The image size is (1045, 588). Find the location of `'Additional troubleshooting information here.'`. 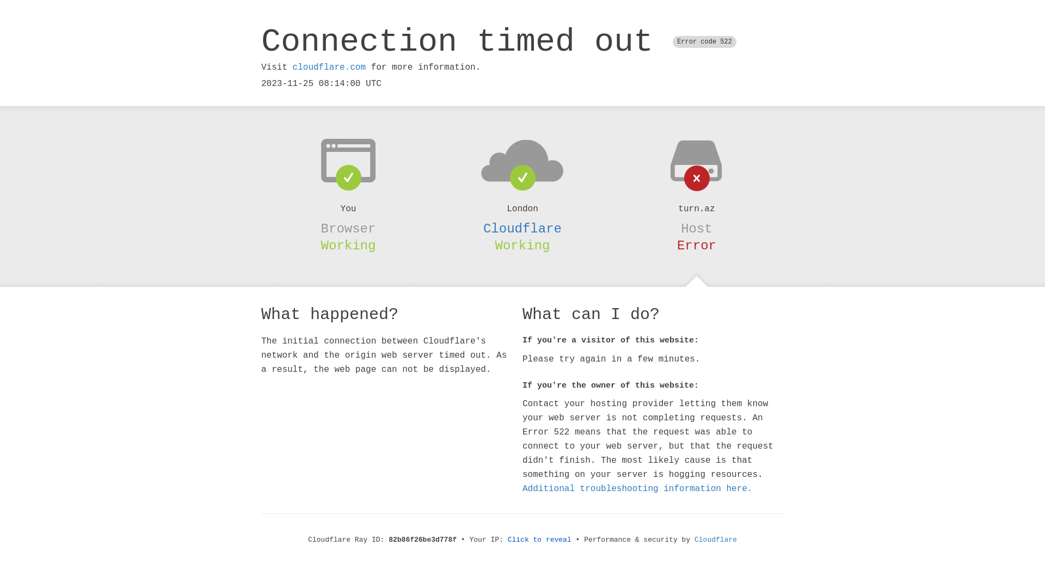

'Additional troubleshooting information here.' is located at coordinates (637, 488).